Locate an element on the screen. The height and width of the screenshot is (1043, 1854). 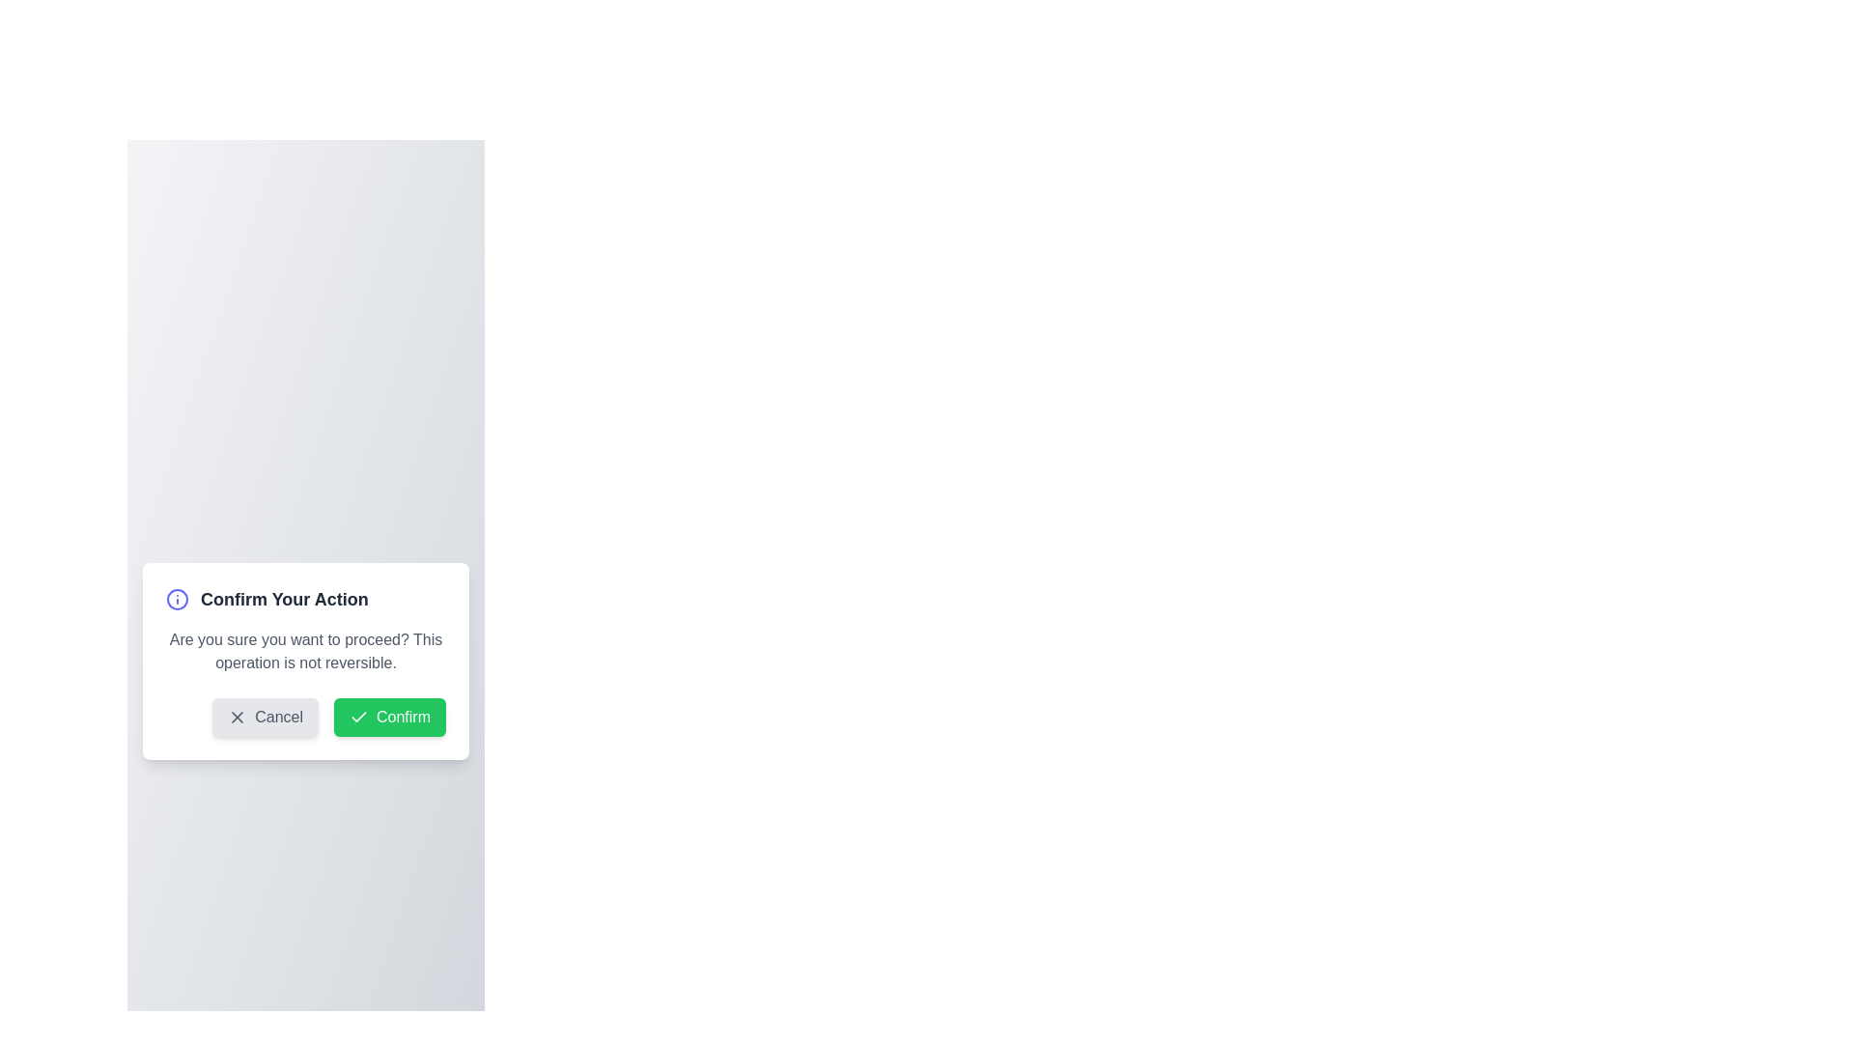
the Static Text Label that serves as the title or header of the dialog box, located in the header section, to the right of the informational icon and above the confirmation message text is located at coordinates (283, 599).